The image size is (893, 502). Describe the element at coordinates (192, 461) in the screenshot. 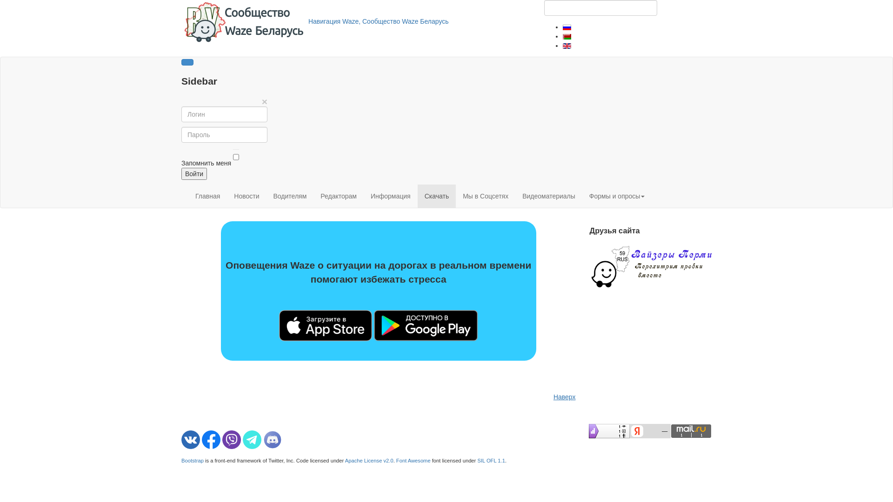

I see `'Bootstrap'` at that location.